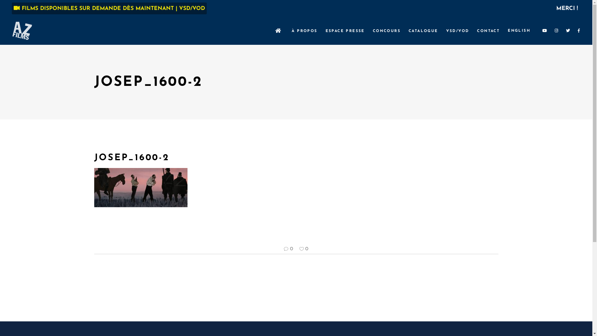 Image resolution: width=597 pixels, height=336 pixels. What do you see at coordinates (423, 31) in the screenshot?
I see `'CATALOGUE'` at bounding box center [423, 31].